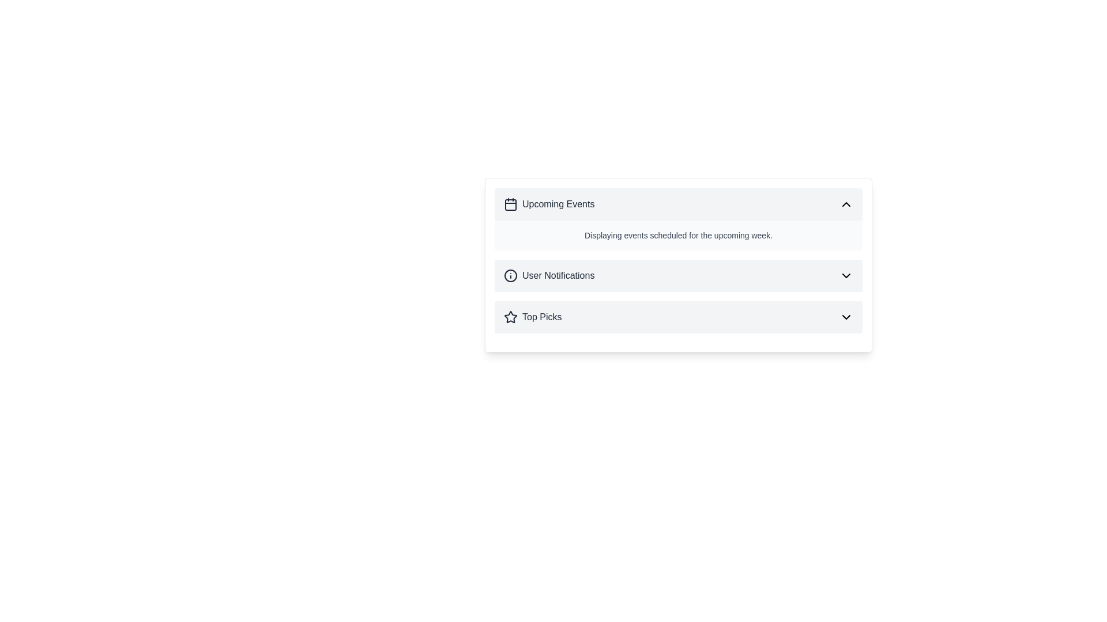 This screenshot has width=1107, height=622. I want to click on the 'Upcoming Events' text label element, which is displayed in a medium-sized, bold font and is positioned next to a calendar icon in the User Notifications section, so click(558, 203).